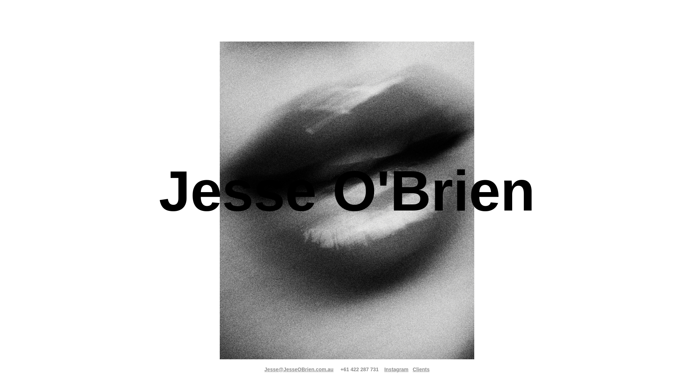 Image resolution: width=694 pixels, height=390 pixels. What do you see at coordinates (421, 369) in the screenshot?
I see `'Clients'` at bounding box center [421, 369].